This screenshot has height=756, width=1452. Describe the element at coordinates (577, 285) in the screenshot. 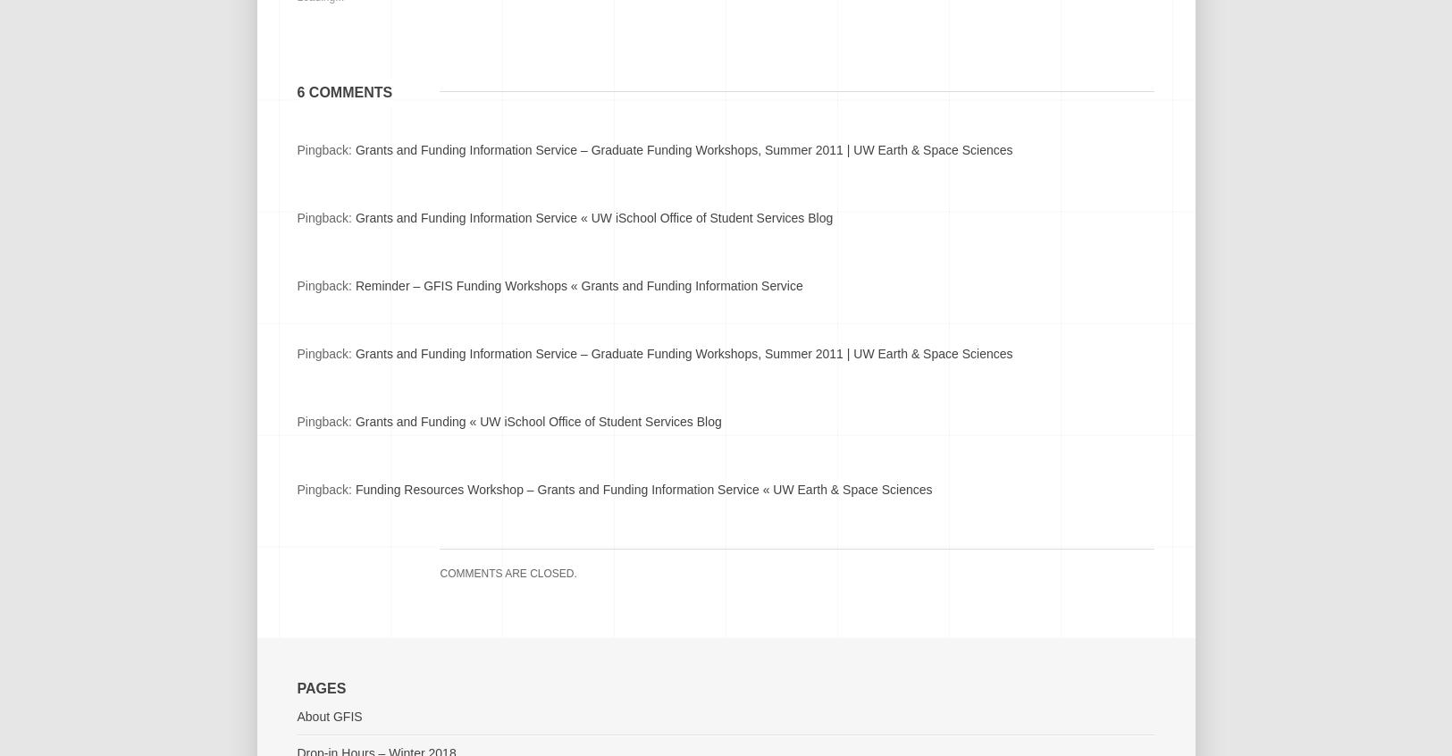

I see `'Reminder – GFIS Funding Workshops « Grants and Funding Information Service'` at that location.